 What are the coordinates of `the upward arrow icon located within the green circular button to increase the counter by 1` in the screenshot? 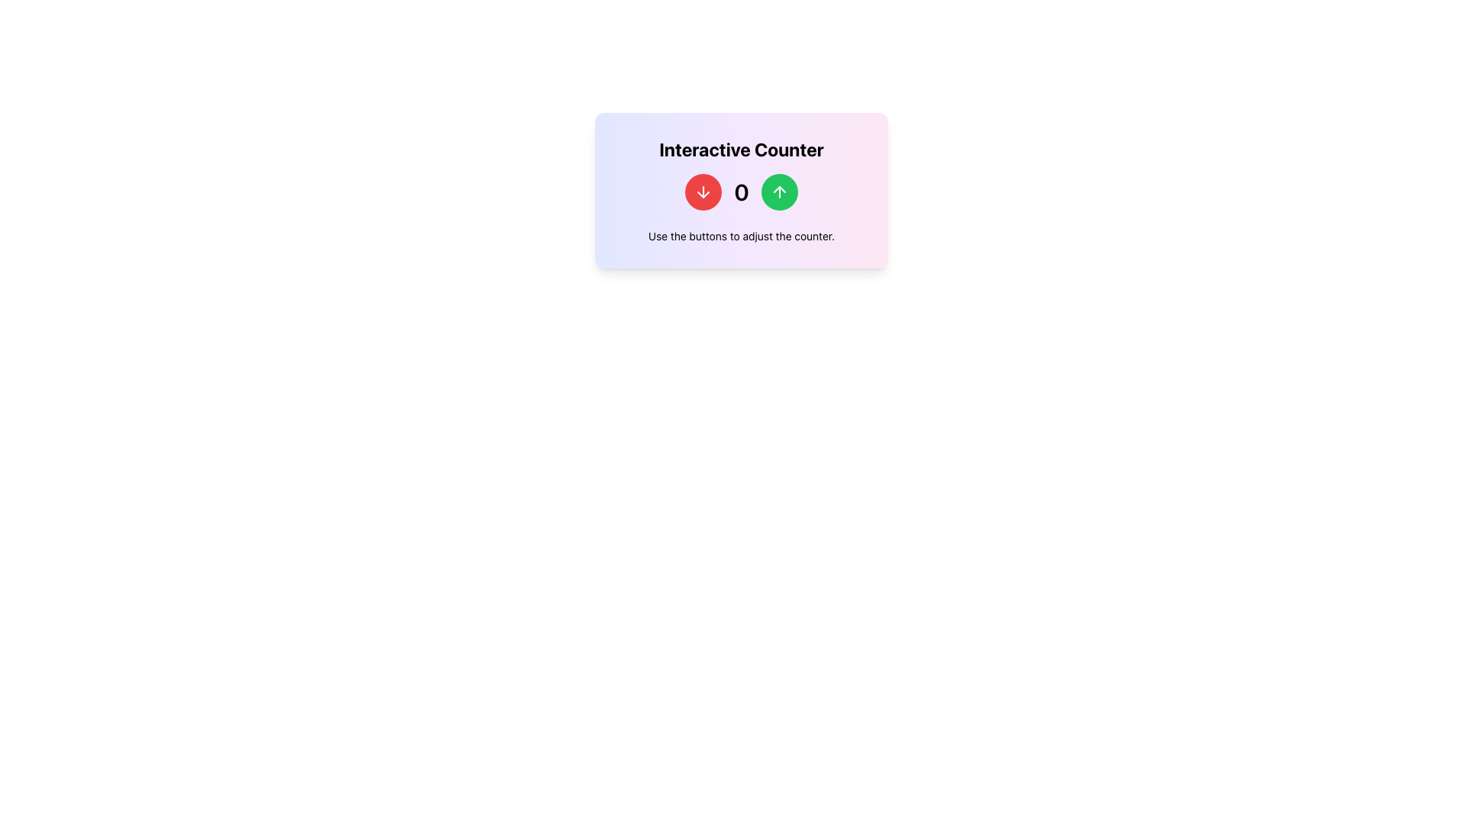 It's located at (779, 191).